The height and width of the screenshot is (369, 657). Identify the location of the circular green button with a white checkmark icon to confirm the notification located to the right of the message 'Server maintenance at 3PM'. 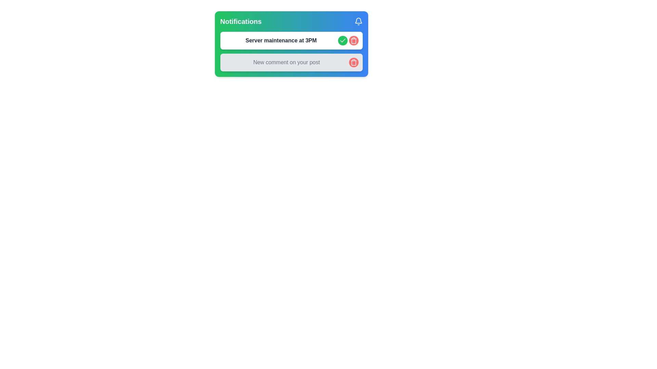
(343, 41).